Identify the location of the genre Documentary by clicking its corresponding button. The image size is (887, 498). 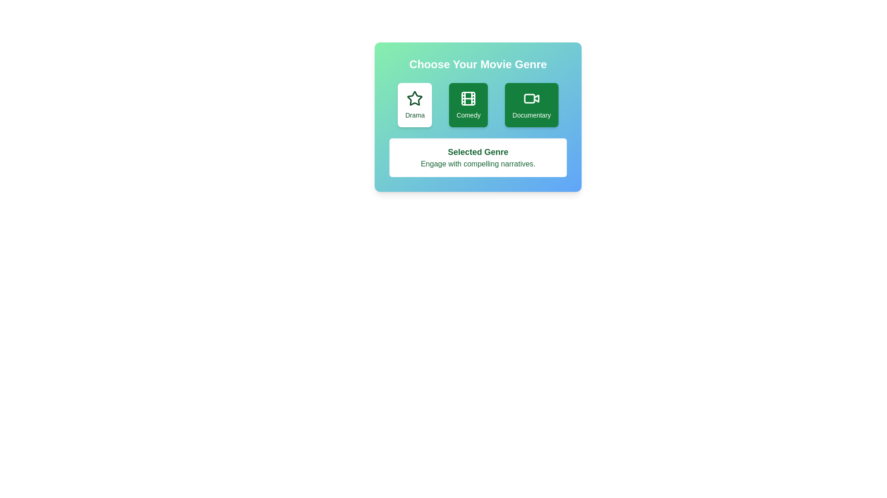
(531, 104).